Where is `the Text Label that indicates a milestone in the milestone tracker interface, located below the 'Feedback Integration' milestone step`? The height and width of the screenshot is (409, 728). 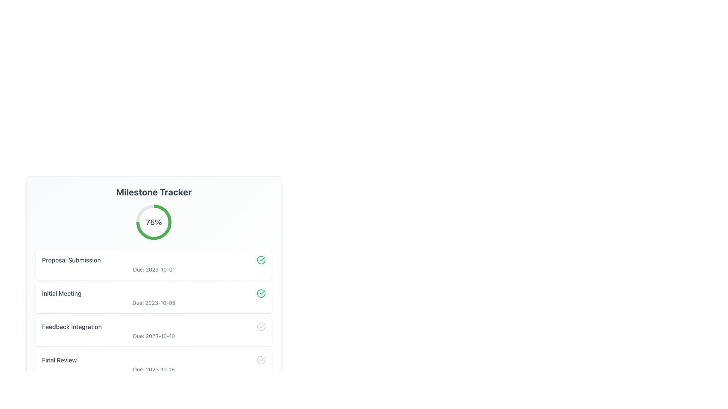 the Text Label that indicates a milestone in the milestone tracker interface, located below the 'Feedback Integration' milestone step is located at coordinates (59, 360).